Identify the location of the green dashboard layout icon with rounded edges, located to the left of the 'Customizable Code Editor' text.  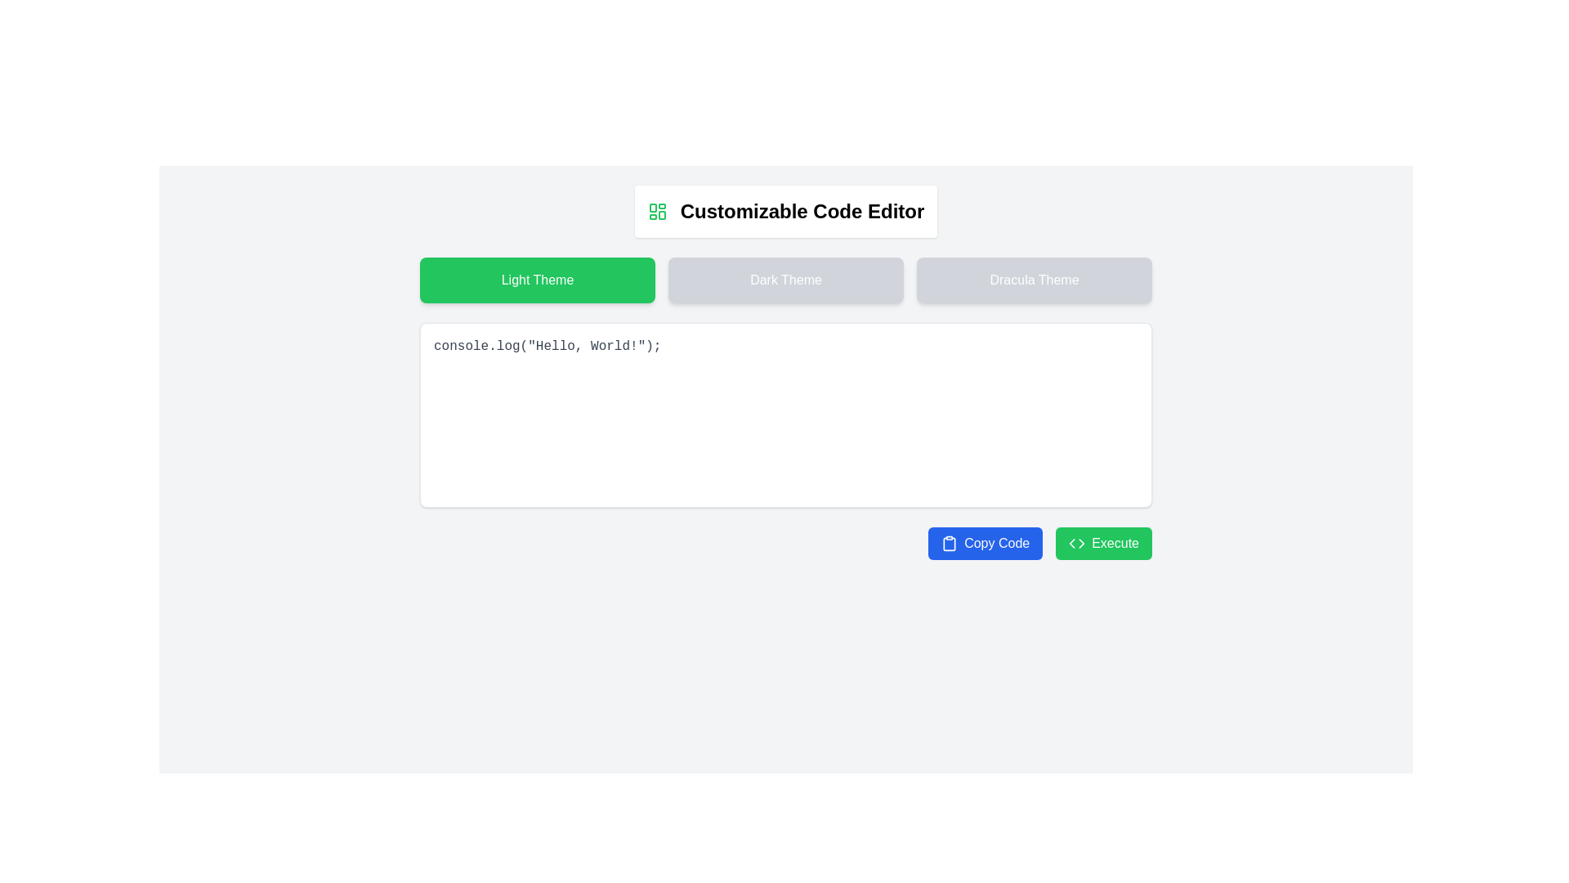
(657, 210).